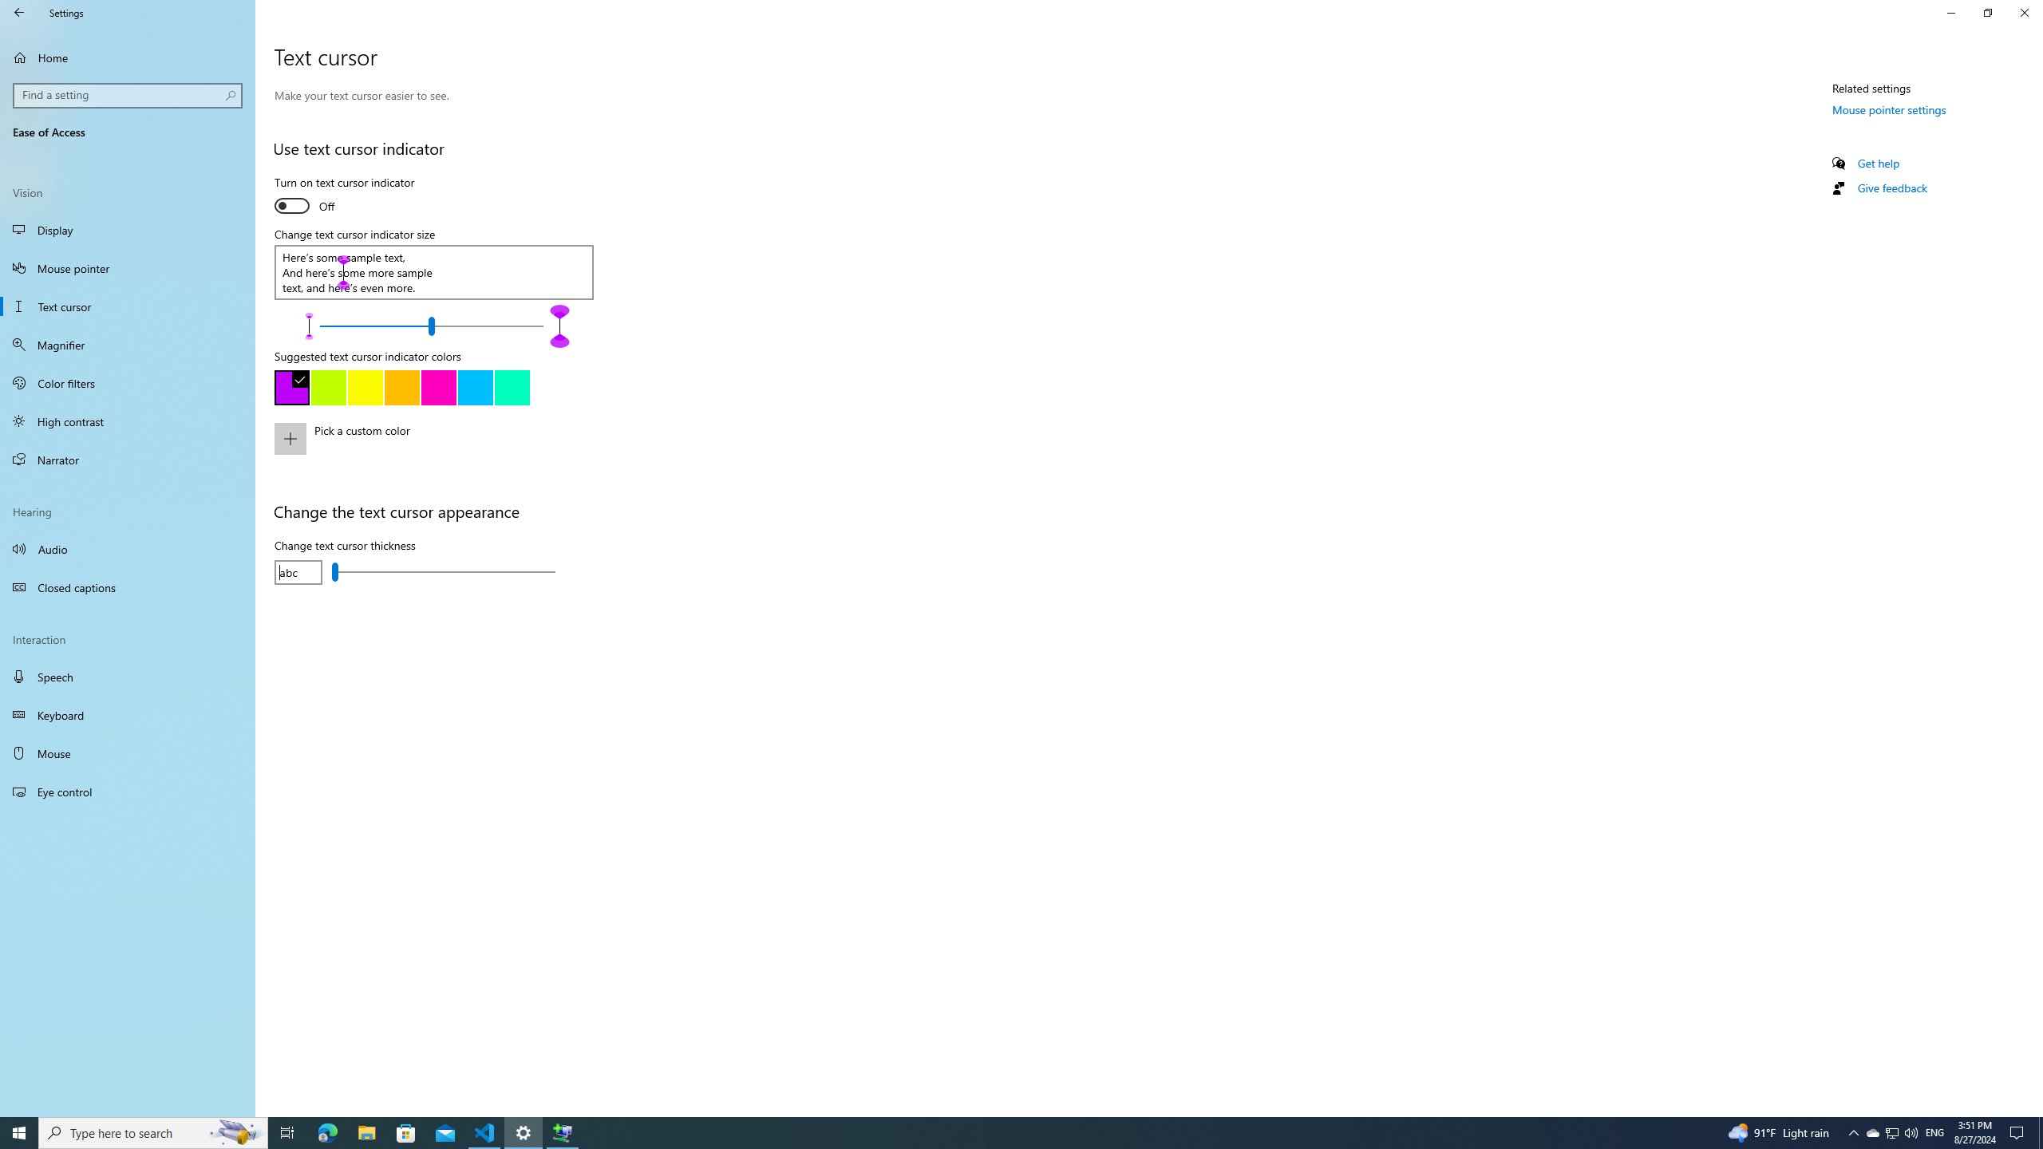  What do you see at coordinates (127, 715) in the screenshot?
I see `'Keyboard'` at bounding box center [127, 715].